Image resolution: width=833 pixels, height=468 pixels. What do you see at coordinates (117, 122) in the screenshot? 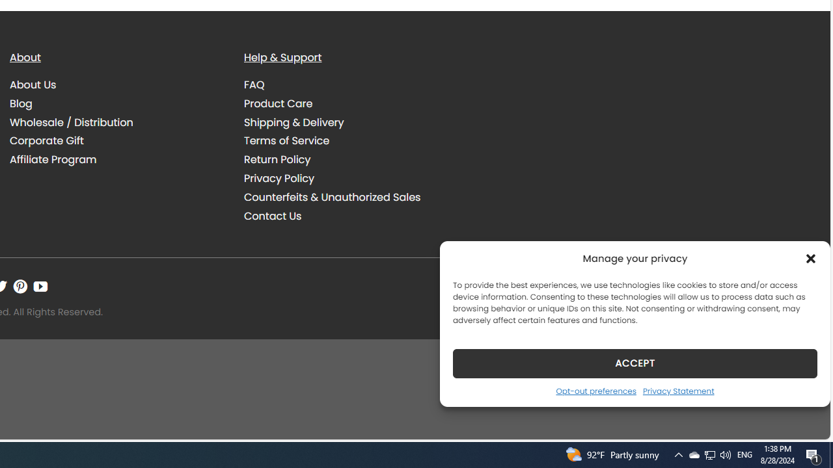
I see `'Wholesale / Distribution'` at bounding box center [117, 122].